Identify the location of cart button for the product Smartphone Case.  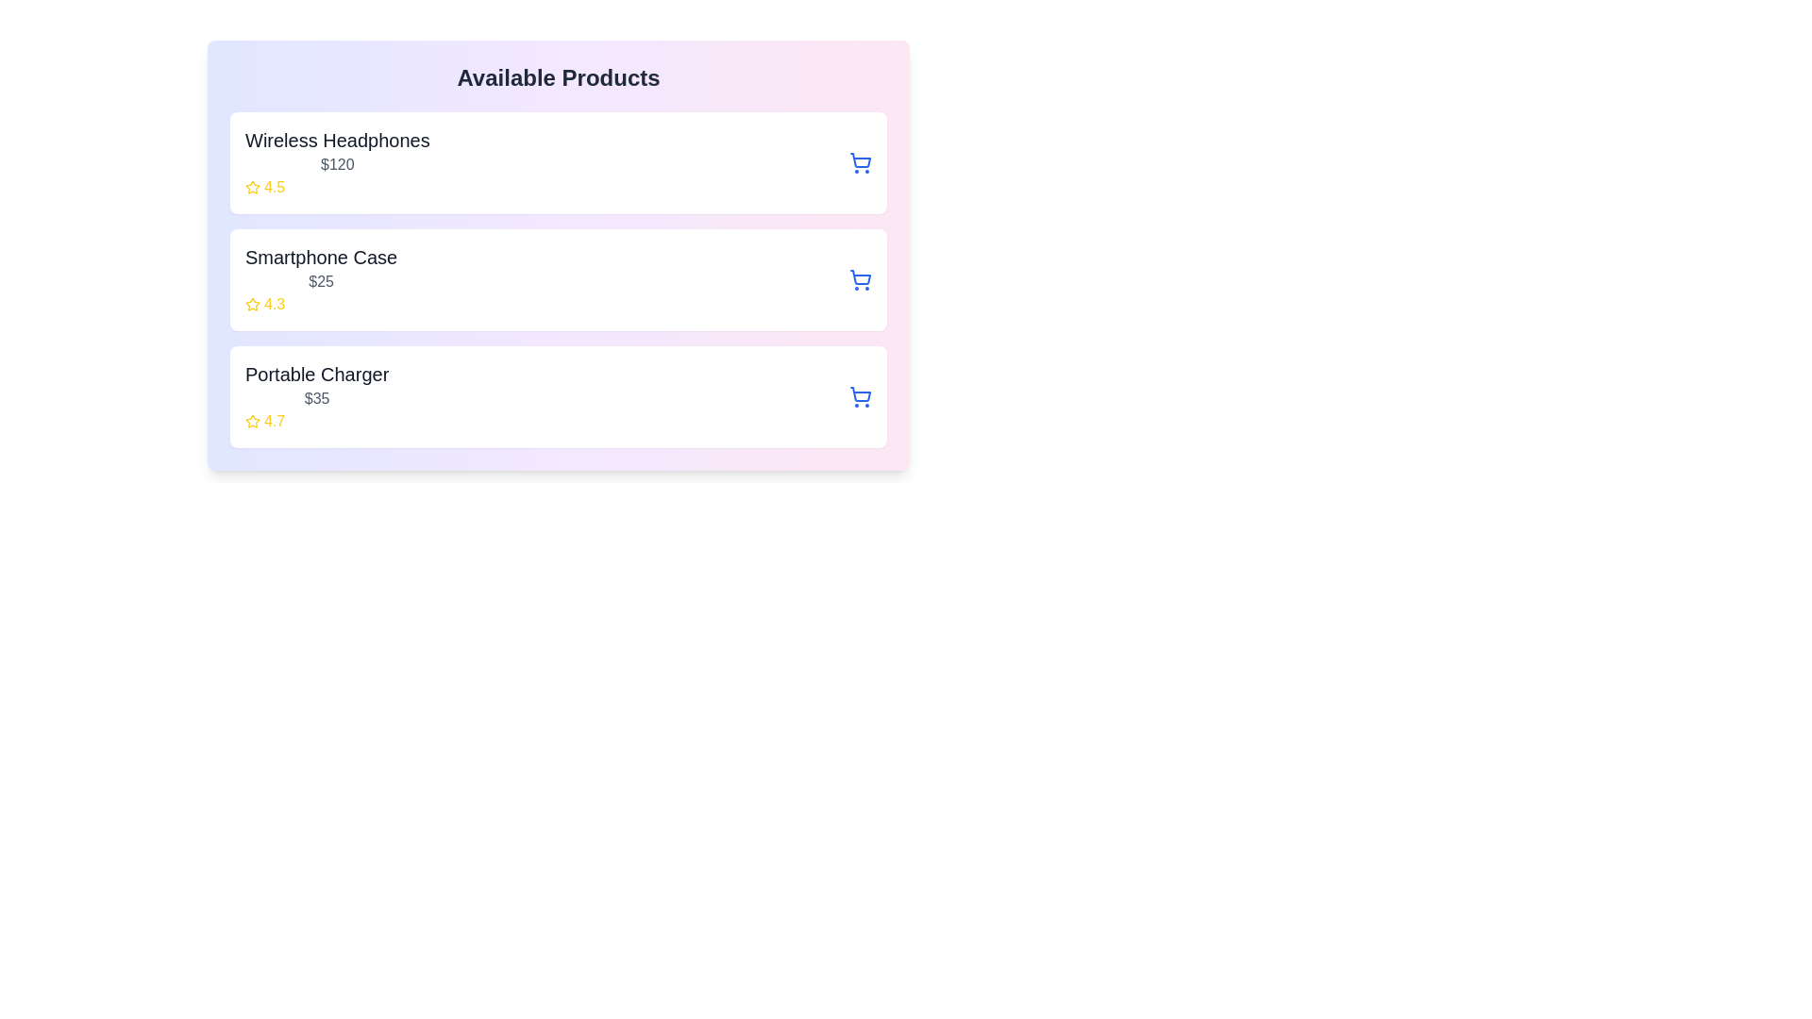
(860, 280).